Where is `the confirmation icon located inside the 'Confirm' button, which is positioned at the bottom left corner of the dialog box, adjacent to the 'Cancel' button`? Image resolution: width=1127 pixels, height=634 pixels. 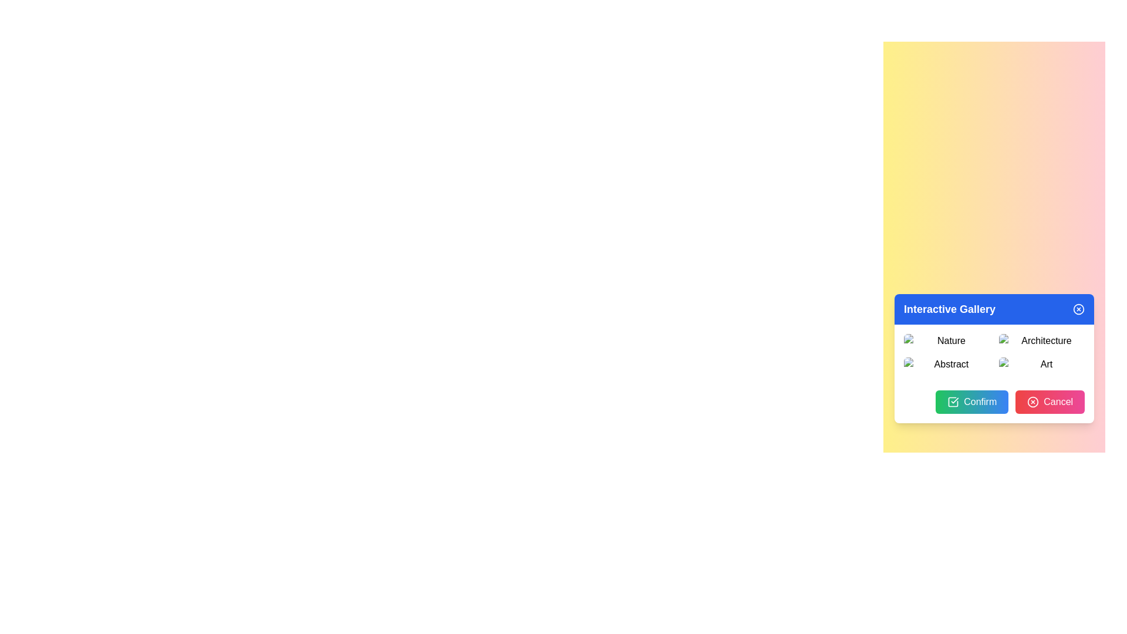 the confirmation icon located inside the 'Confirm' button, which is positioned at the bottom left corner of the dialog box, adjacent to the 'Cancel' button is located at coordinates (953, 402).